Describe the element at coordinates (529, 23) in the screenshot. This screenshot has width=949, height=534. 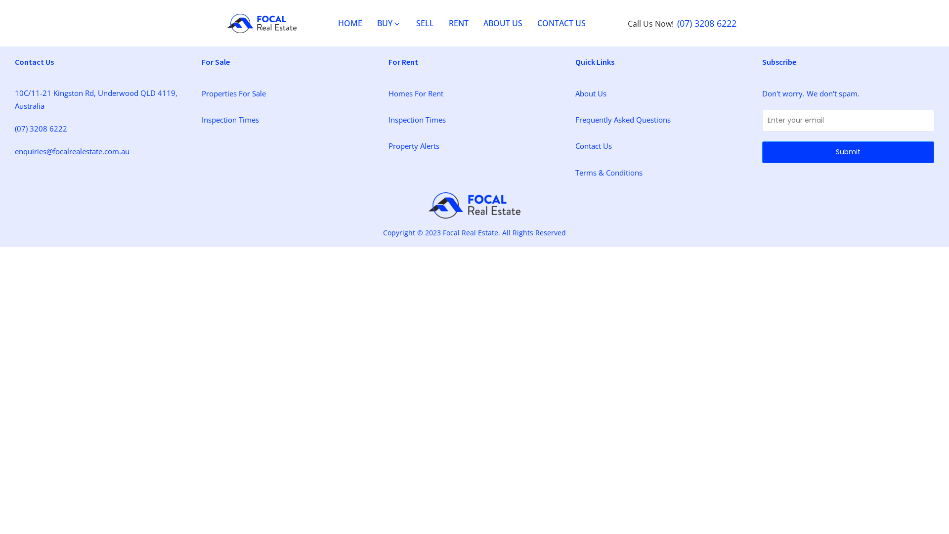
I see `'CONTACT US'` at that location.